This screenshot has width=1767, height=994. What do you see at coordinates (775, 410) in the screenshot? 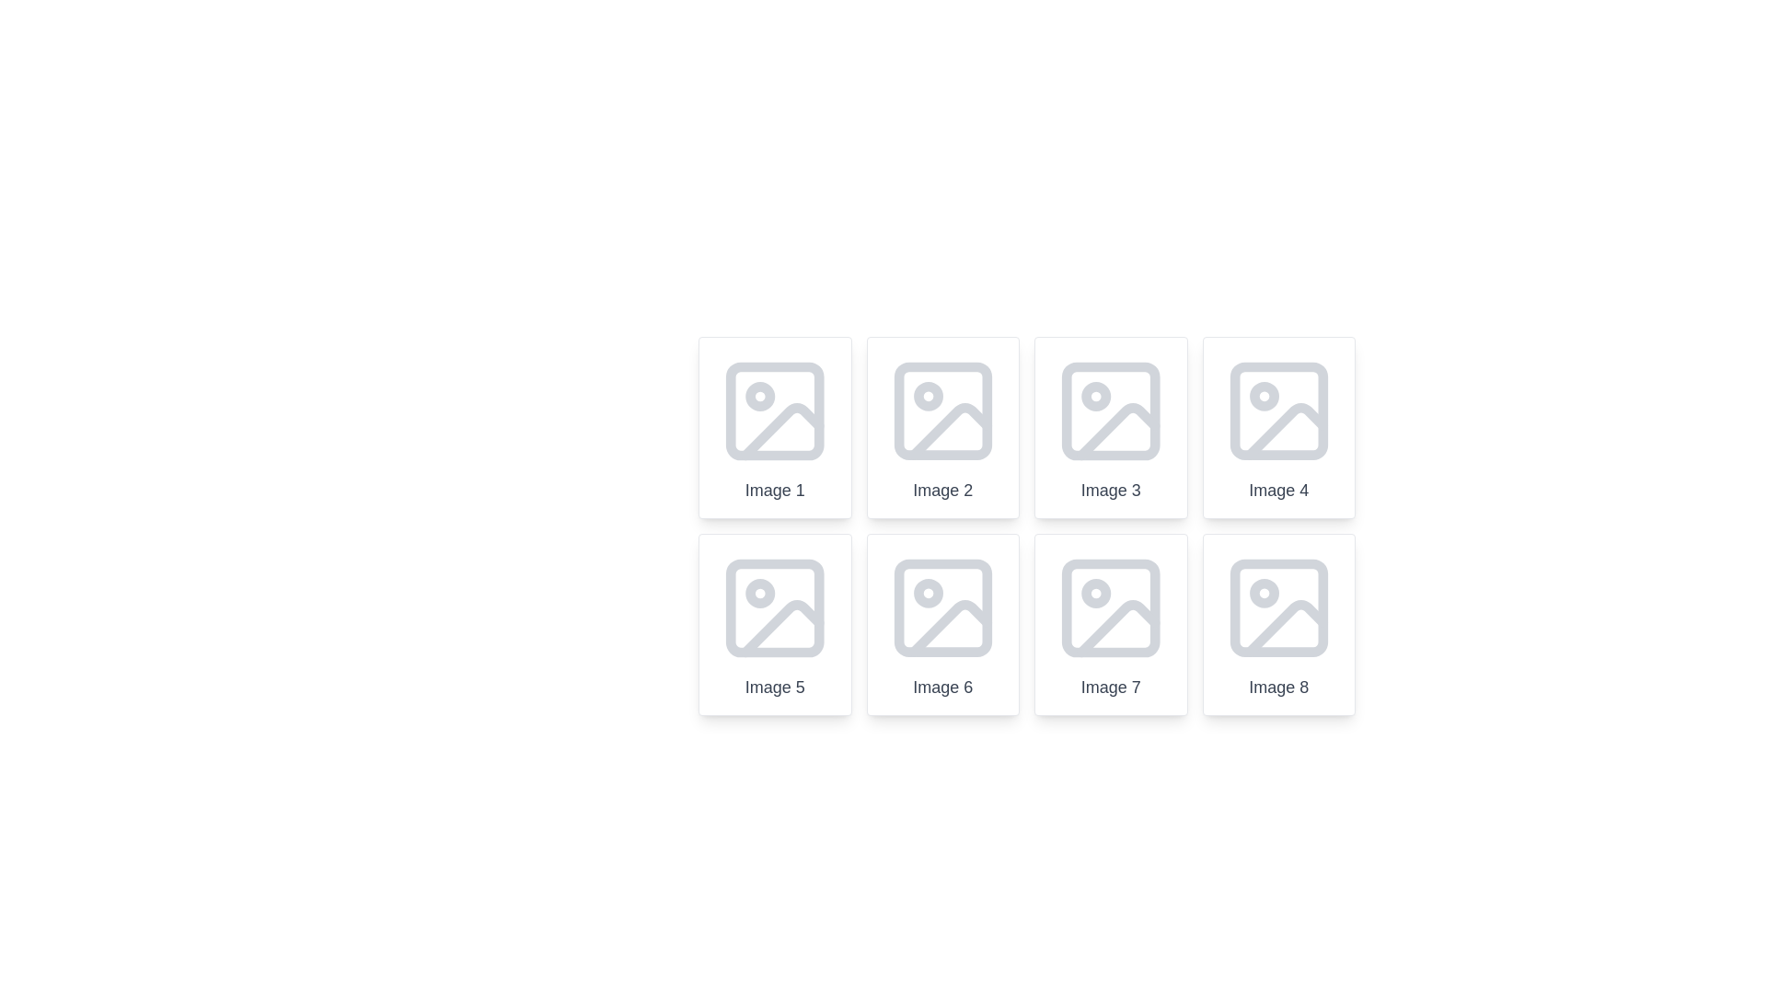
I see `the graphical square with rounded corners in the upper-left quadrant of the 'Image 1' placeholder` at bounding box center [775, 410].